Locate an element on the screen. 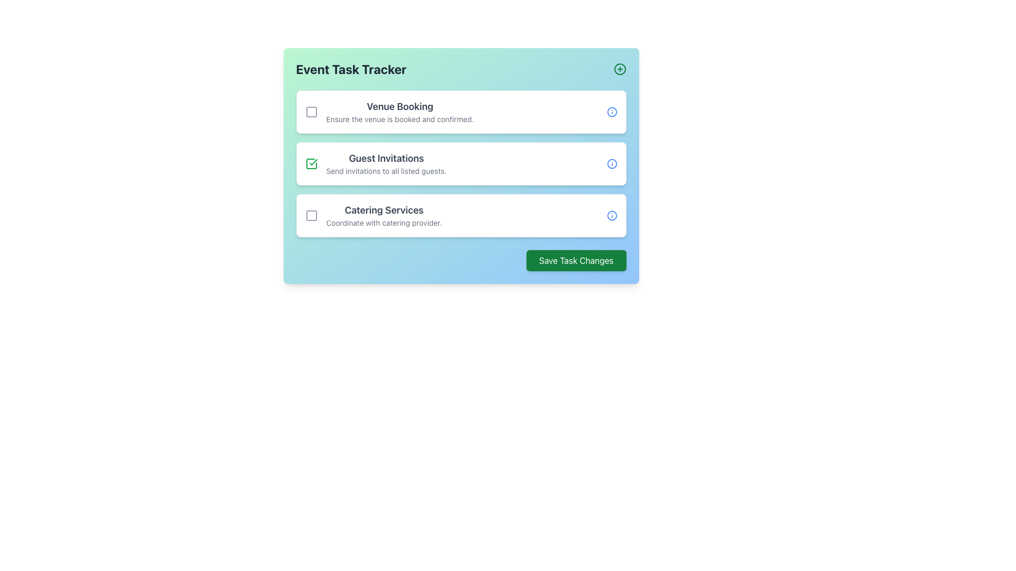 Image resolution: width=1016 pixels, height=571 pixels. the 'Venue Booking' text block, which features a larger, bold title and a smaller, gray subtitle is located at coordinates (399, 112).